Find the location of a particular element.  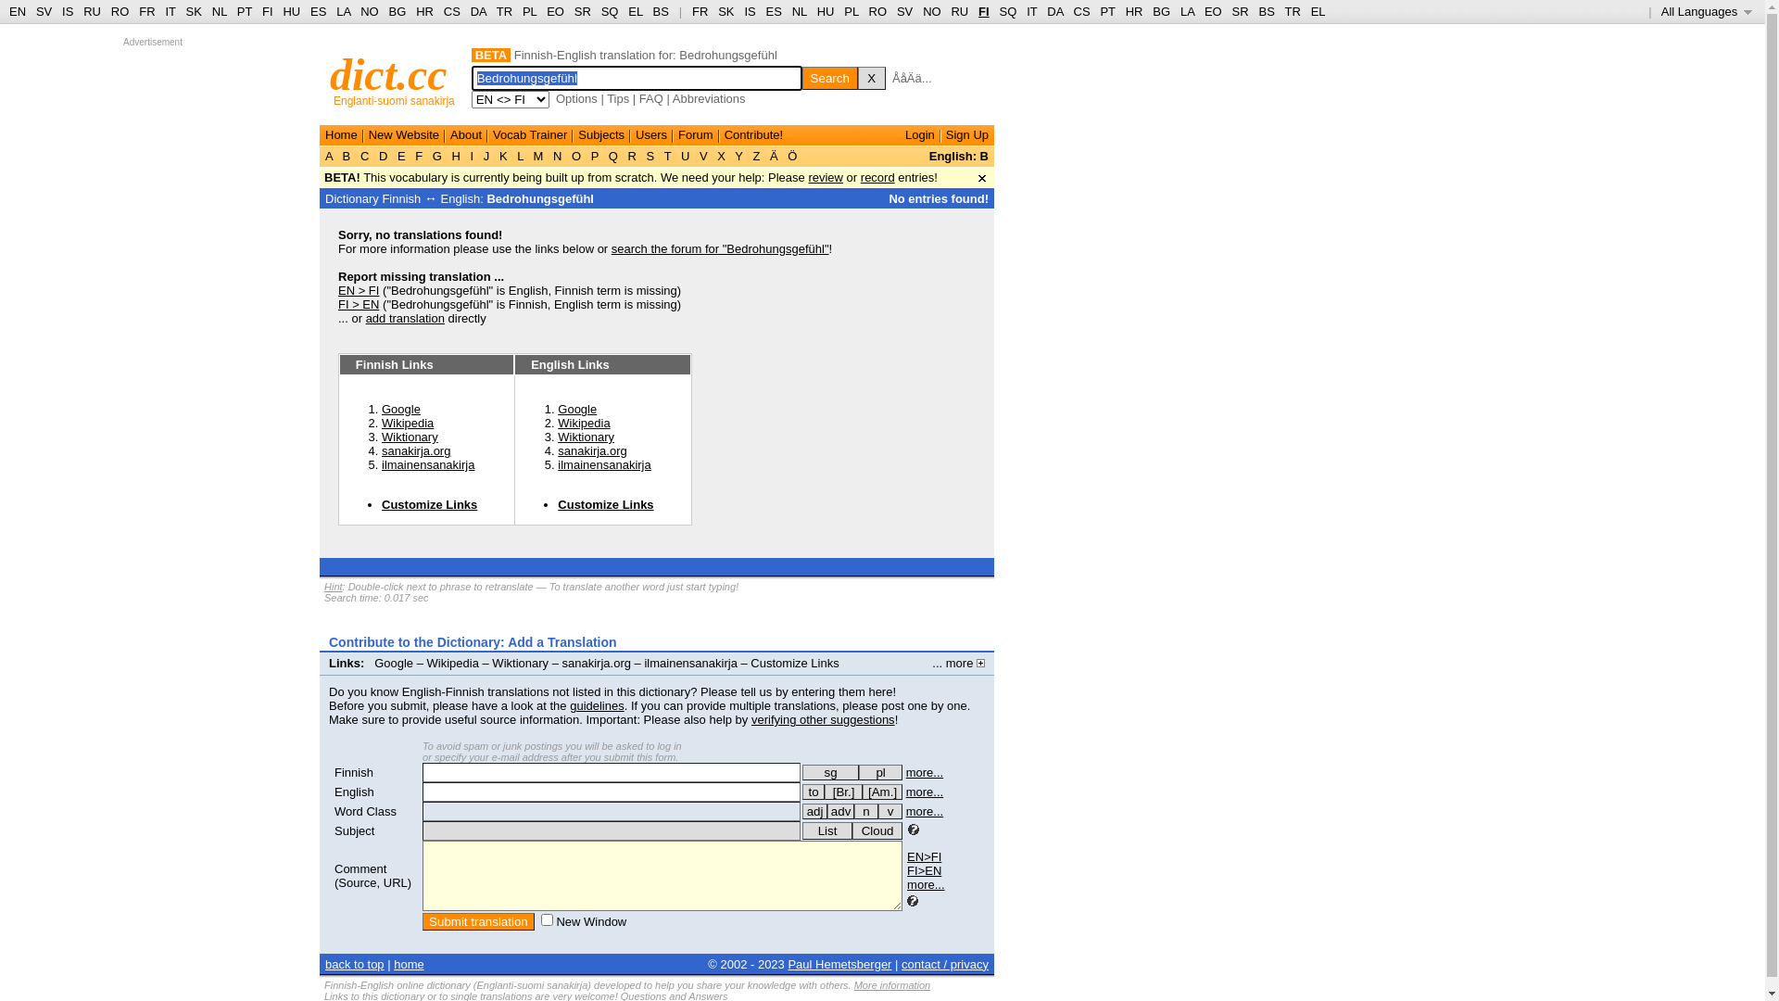

'EO' is located at coordinates (554, 11).